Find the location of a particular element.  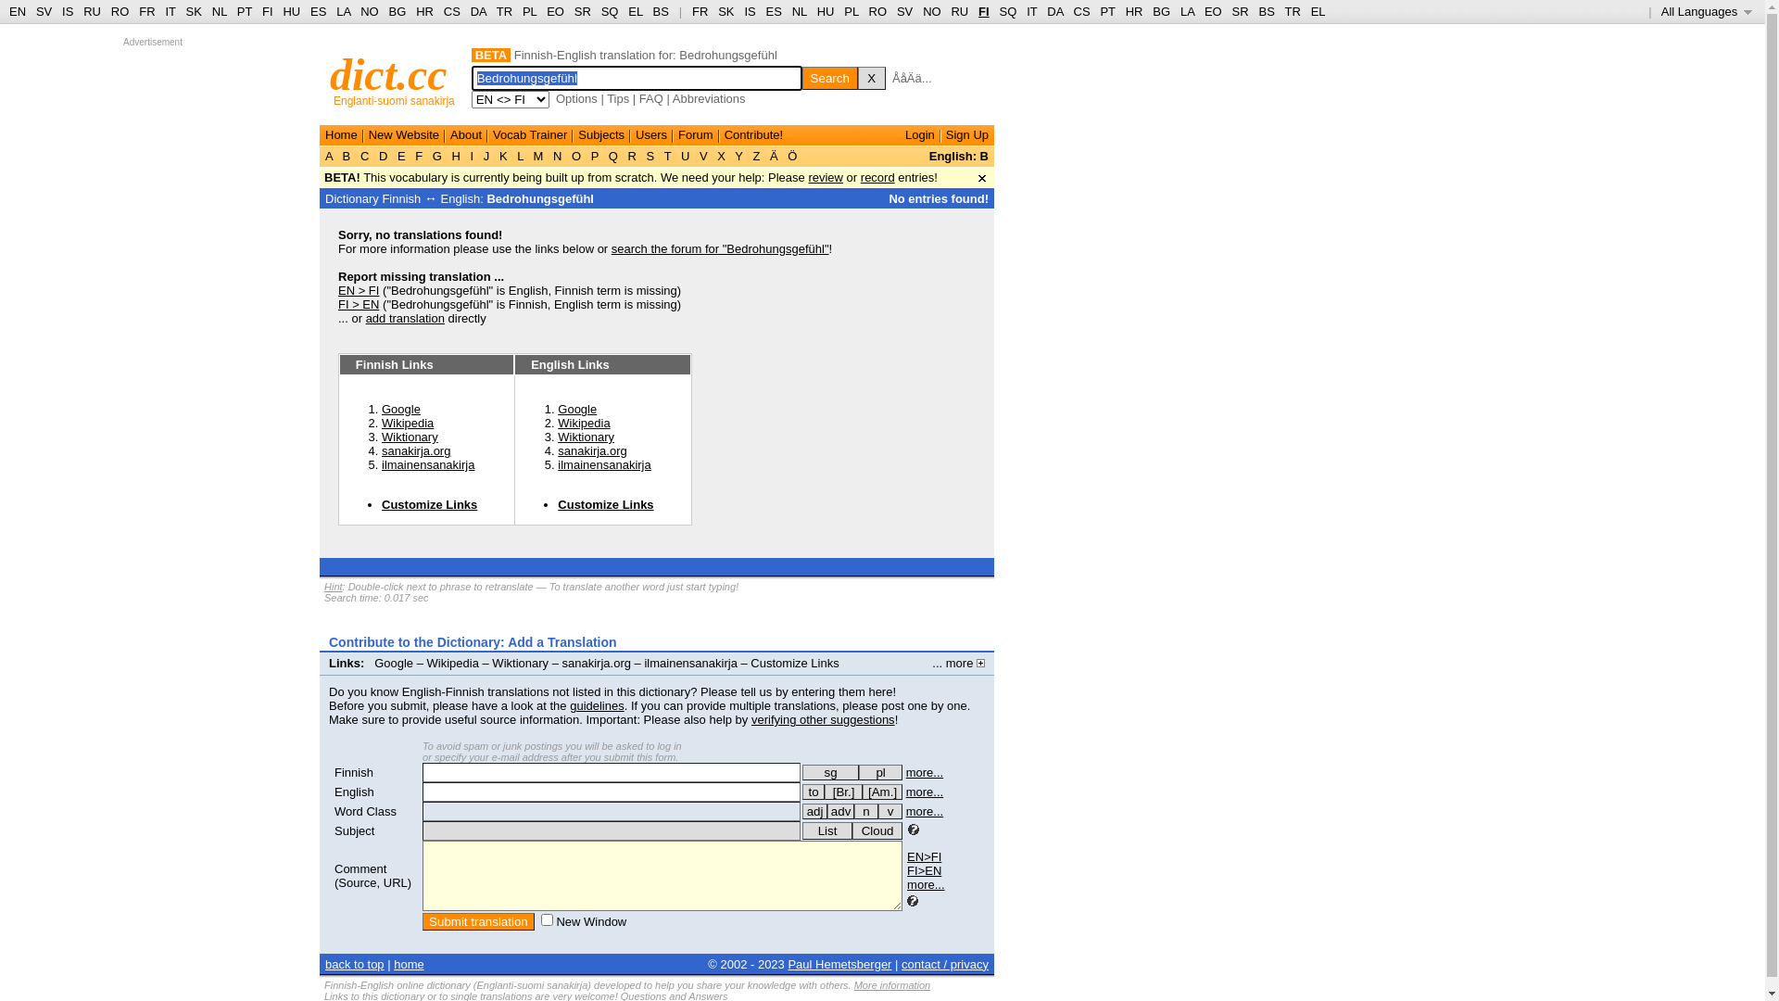

'EO' is located at coordinates (554, 11).